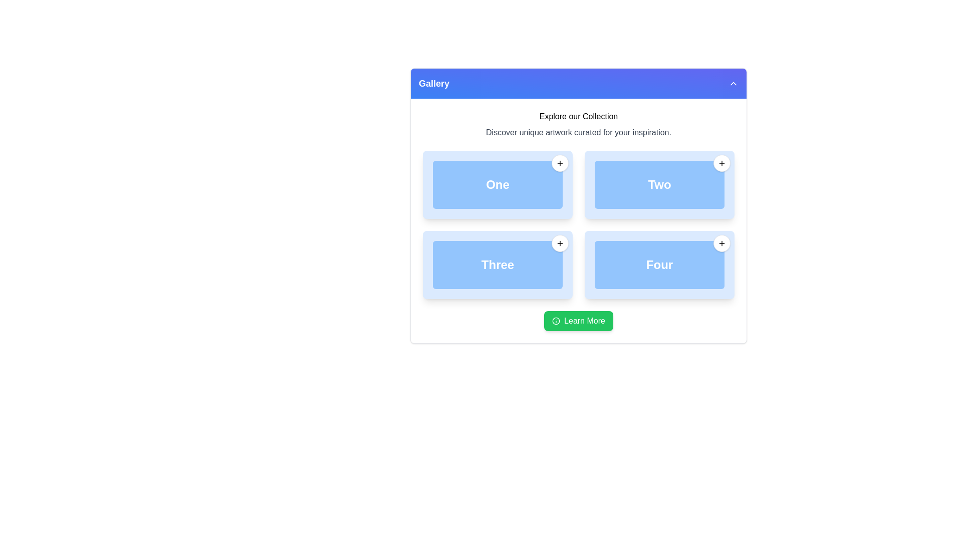  I want to click on the static content display element styled as a rectangular block with bold white text reading 'Four', which is located in the lower-right quadrant of the layout, so click(659, 264).